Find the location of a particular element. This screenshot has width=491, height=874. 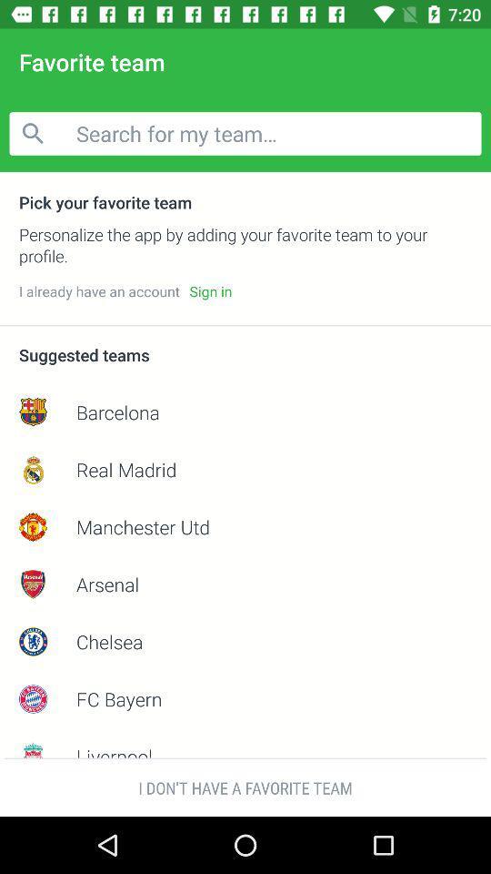

the icon below favorite team item is located at coordinates (245, 132).